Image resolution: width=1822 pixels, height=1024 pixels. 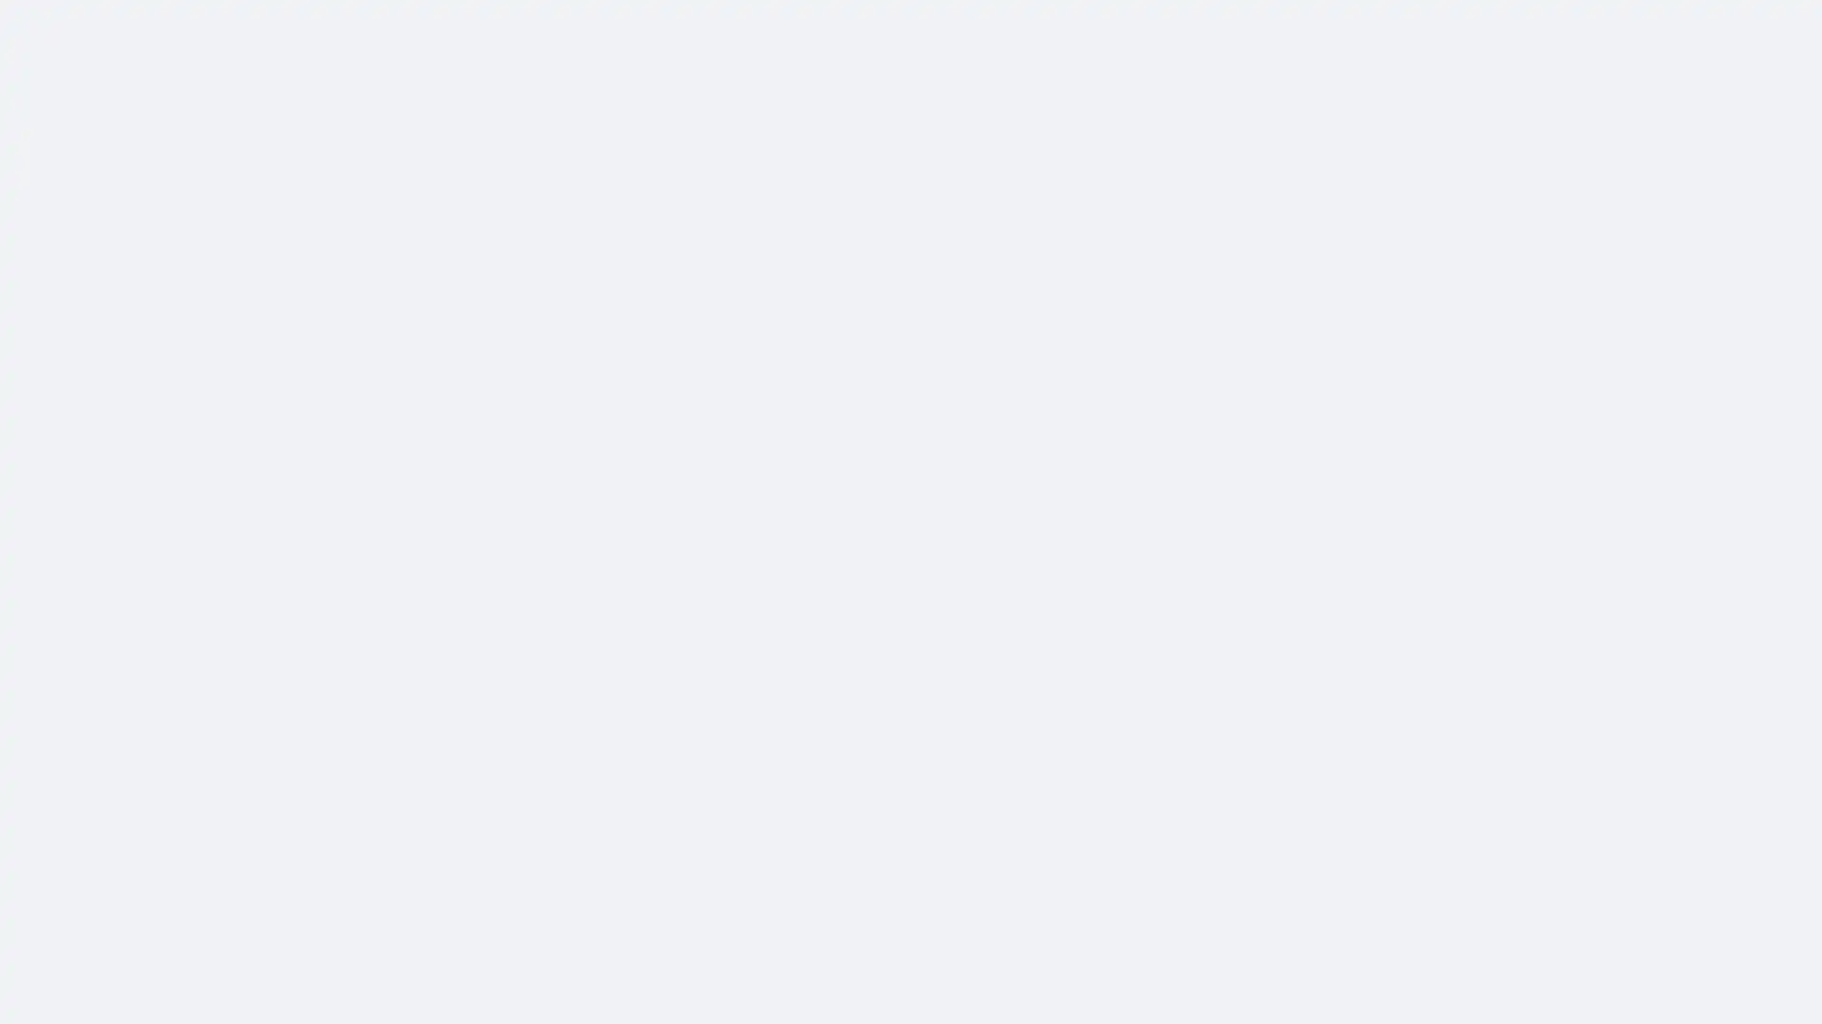 What do you see at coordinates (731, 544) in the screenshot?
I see `See more` at bounding box center [731, 544].